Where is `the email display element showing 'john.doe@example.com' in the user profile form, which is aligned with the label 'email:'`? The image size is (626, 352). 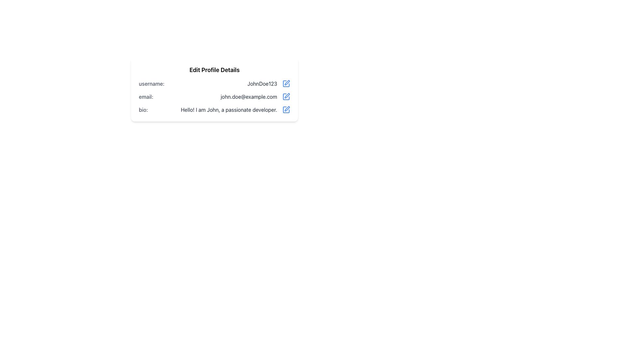
the email display element showing 'john.doe@example.com' in the user profile form, which is aligned with the label 'email:' is located at coordinates (255, 97).